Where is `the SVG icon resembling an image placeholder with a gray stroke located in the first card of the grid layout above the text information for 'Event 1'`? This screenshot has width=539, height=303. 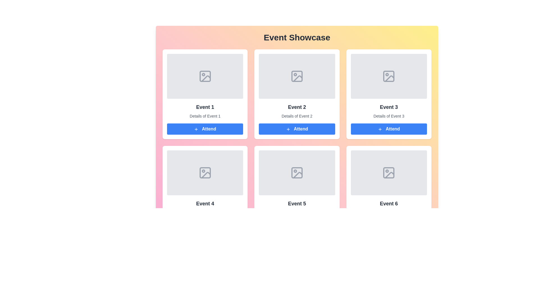
the SVG icon resembling an image placeholder with a gray stroke located in the first card of the grid layout above the text information for 'Event 1' is located at coordinates (205, 76).